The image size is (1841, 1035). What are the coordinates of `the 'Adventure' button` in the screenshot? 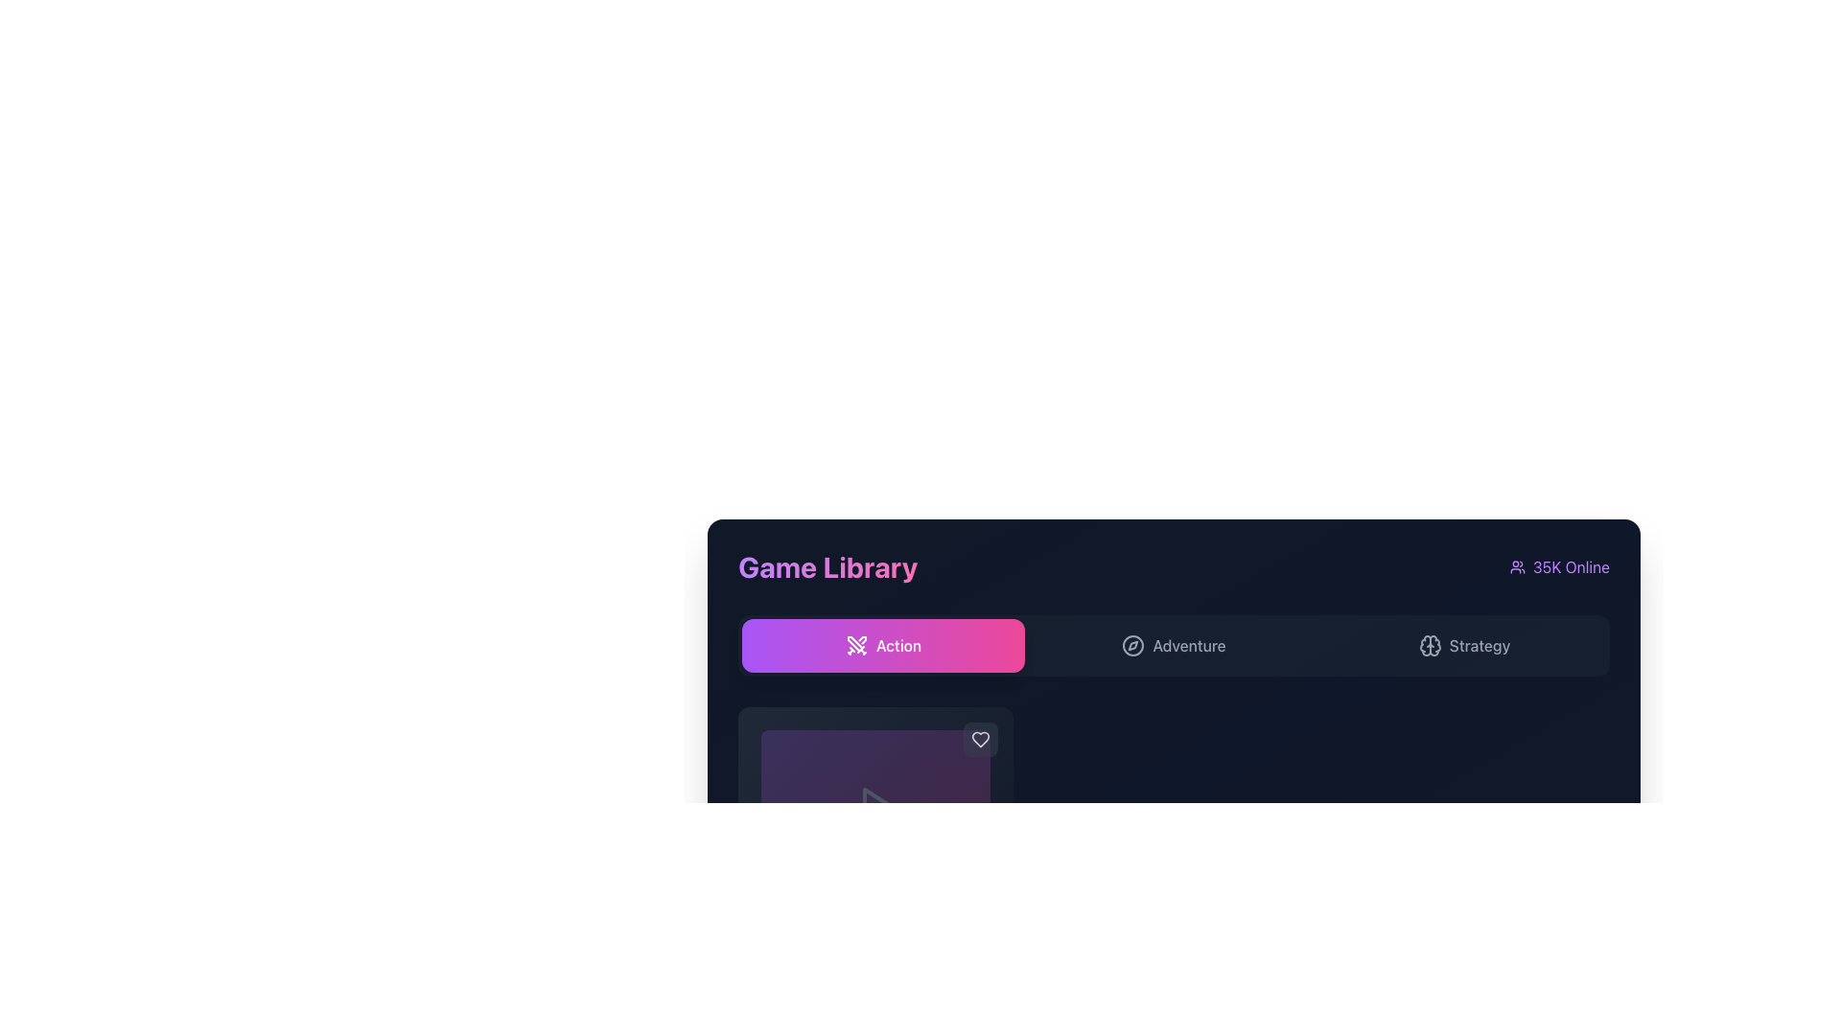 It's located at (1173, 646).